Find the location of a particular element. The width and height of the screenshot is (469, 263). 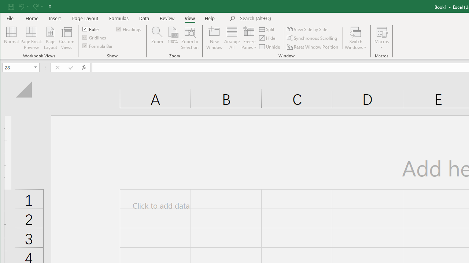

'100%' is located at coordinates (172, 38).